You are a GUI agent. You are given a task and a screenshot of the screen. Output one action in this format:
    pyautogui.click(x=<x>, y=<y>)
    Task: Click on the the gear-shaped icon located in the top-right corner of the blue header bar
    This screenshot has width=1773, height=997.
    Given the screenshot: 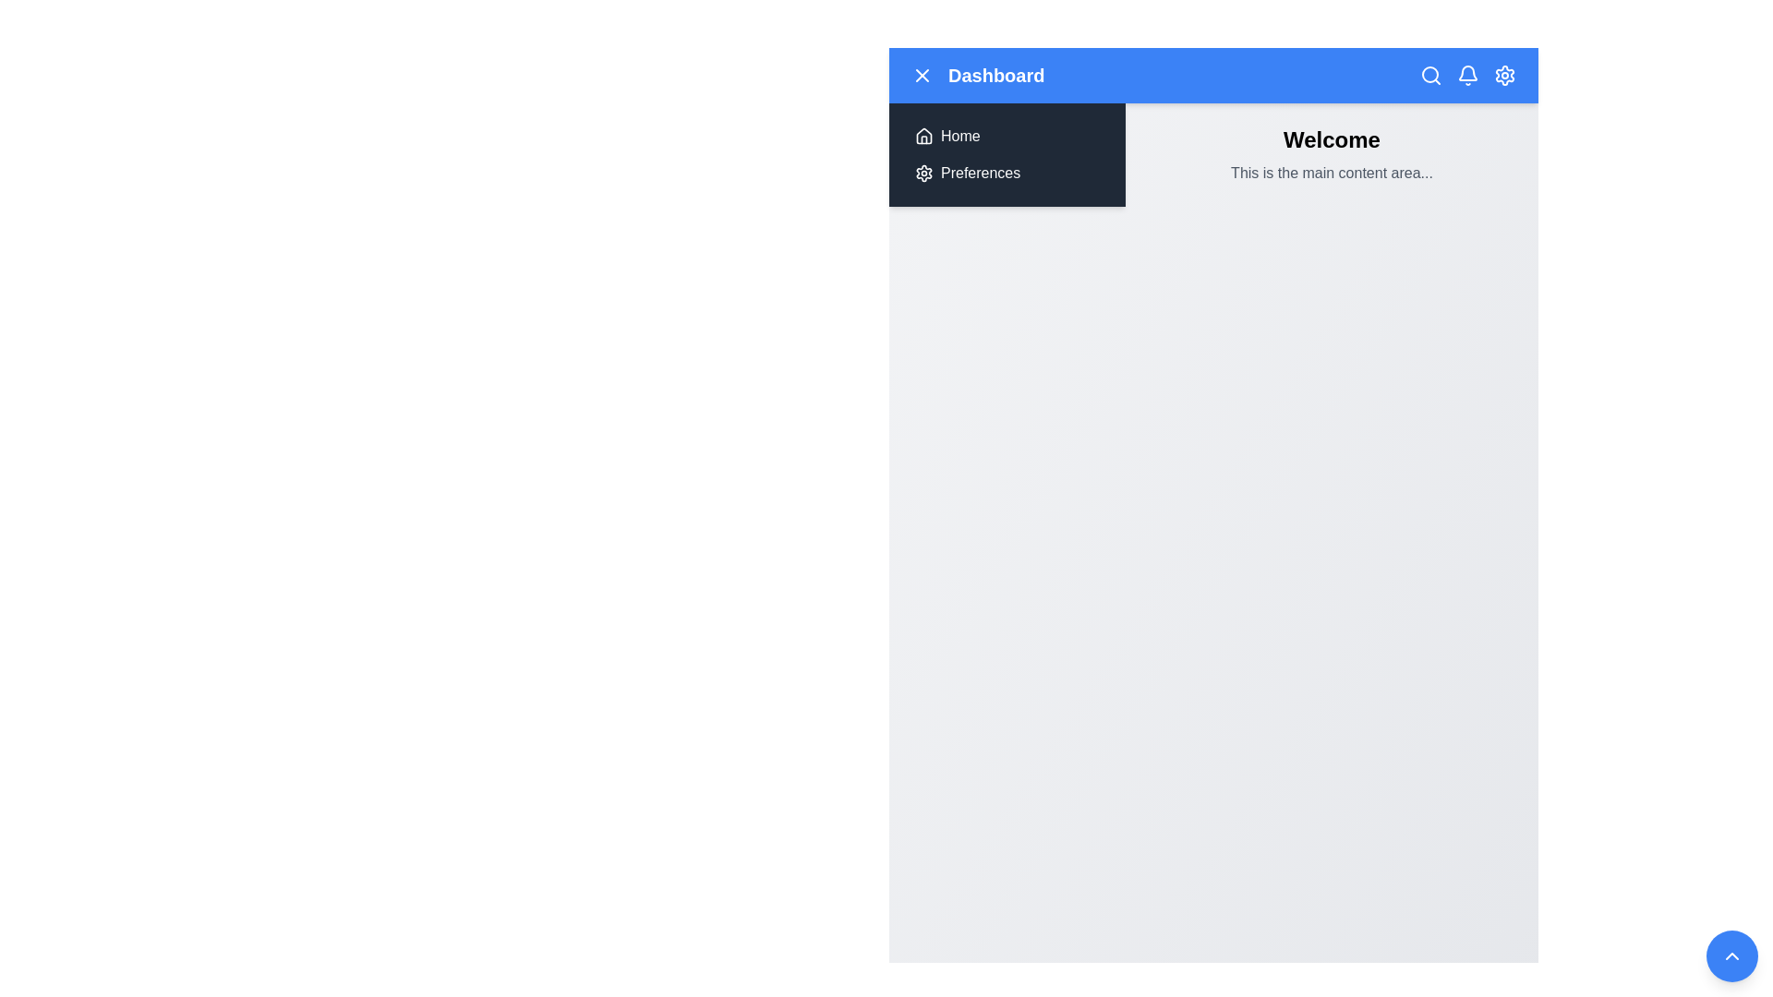 What is the action you would take?
    pyautogui.click(x=1505, y=74)
    